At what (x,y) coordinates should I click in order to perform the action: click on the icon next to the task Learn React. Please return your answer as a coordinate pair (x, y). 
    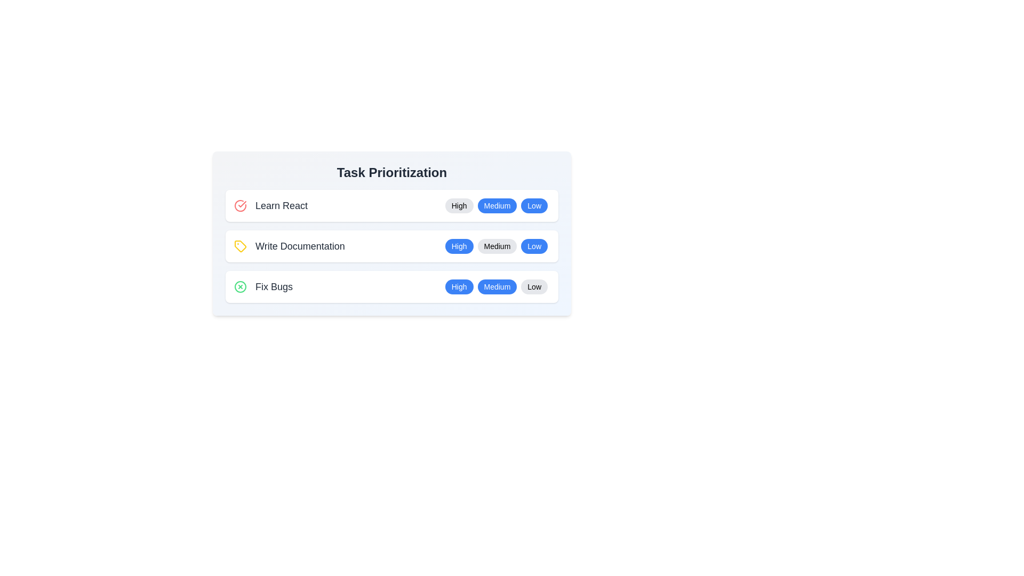
    Looking at the image, I should click on (240, 205).